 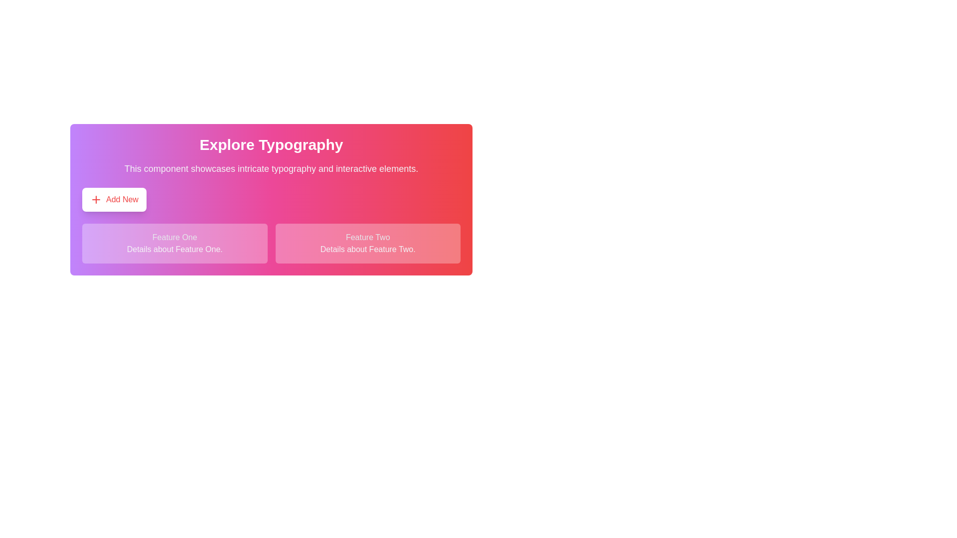 I want to click on the 'Feature One' text label, which serves as a title or heading for the section it represents, so click(x=174, y=238).